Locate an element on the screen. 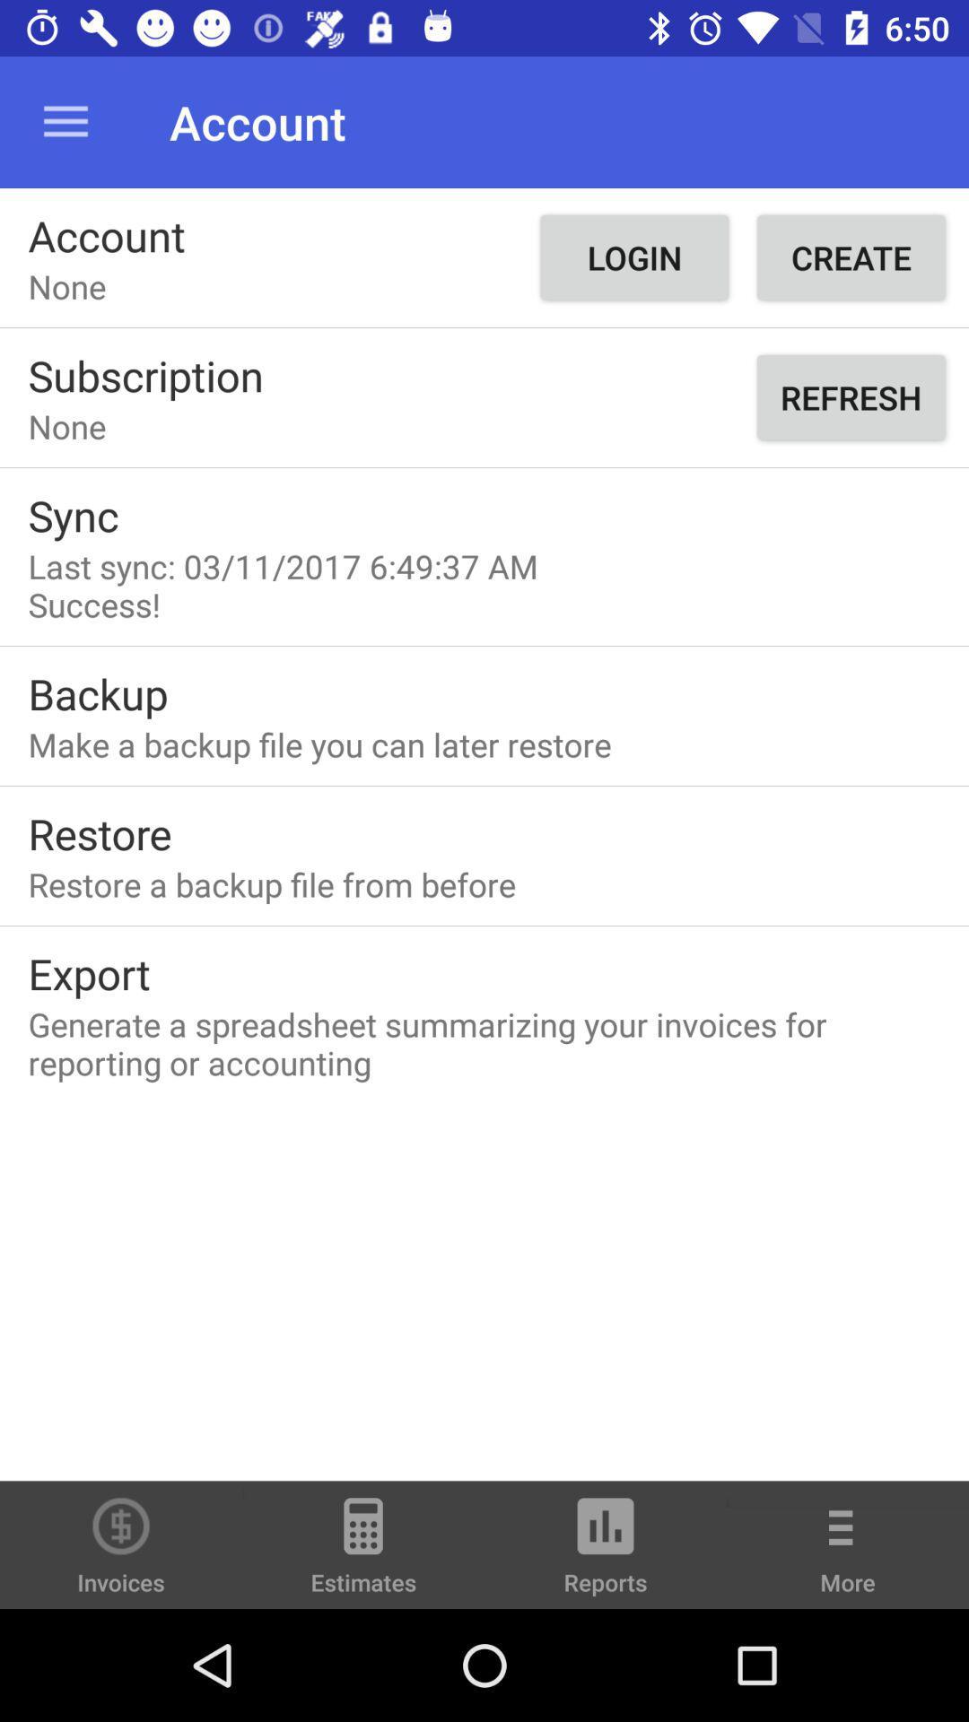 The height and width of the screenshot is (1722, 969). create item is located at coordinates (850, 257).